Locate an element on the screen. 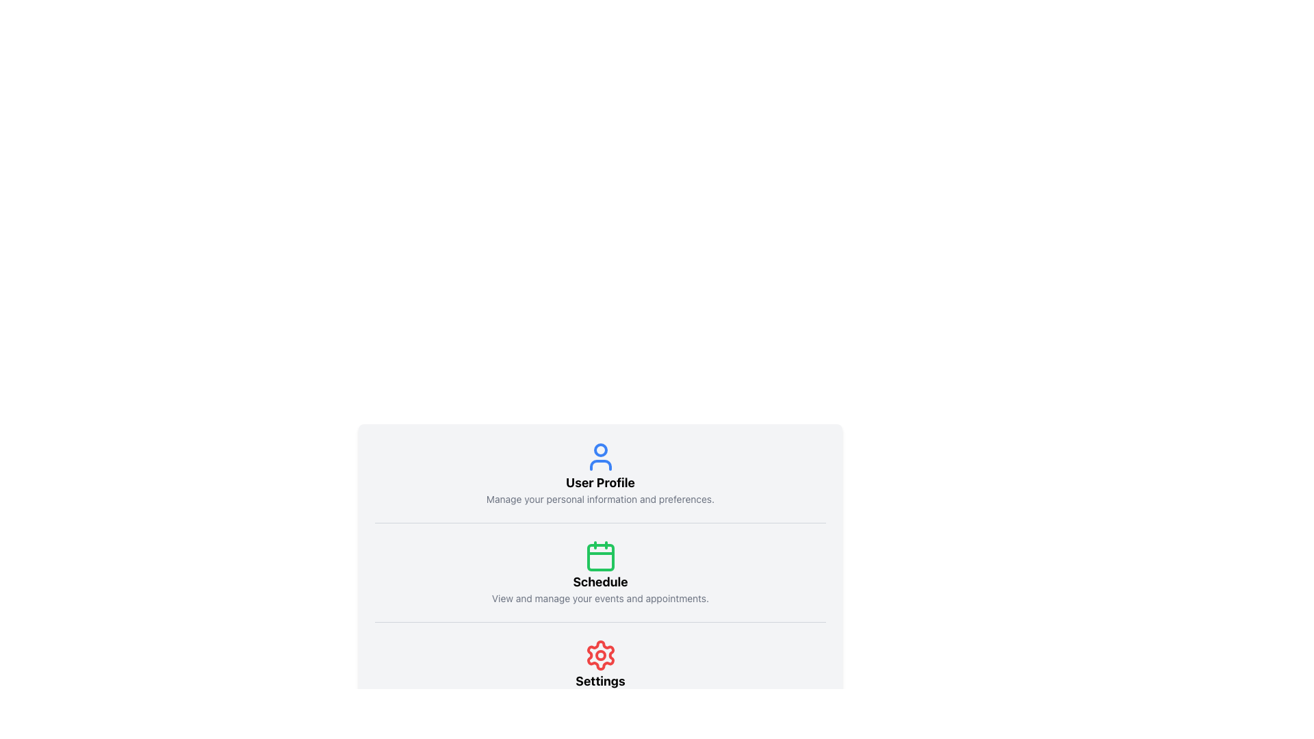  the Separator Line located between the 'Schedule' and 'Settings' sections of the content is located at coordinates (600, 622).